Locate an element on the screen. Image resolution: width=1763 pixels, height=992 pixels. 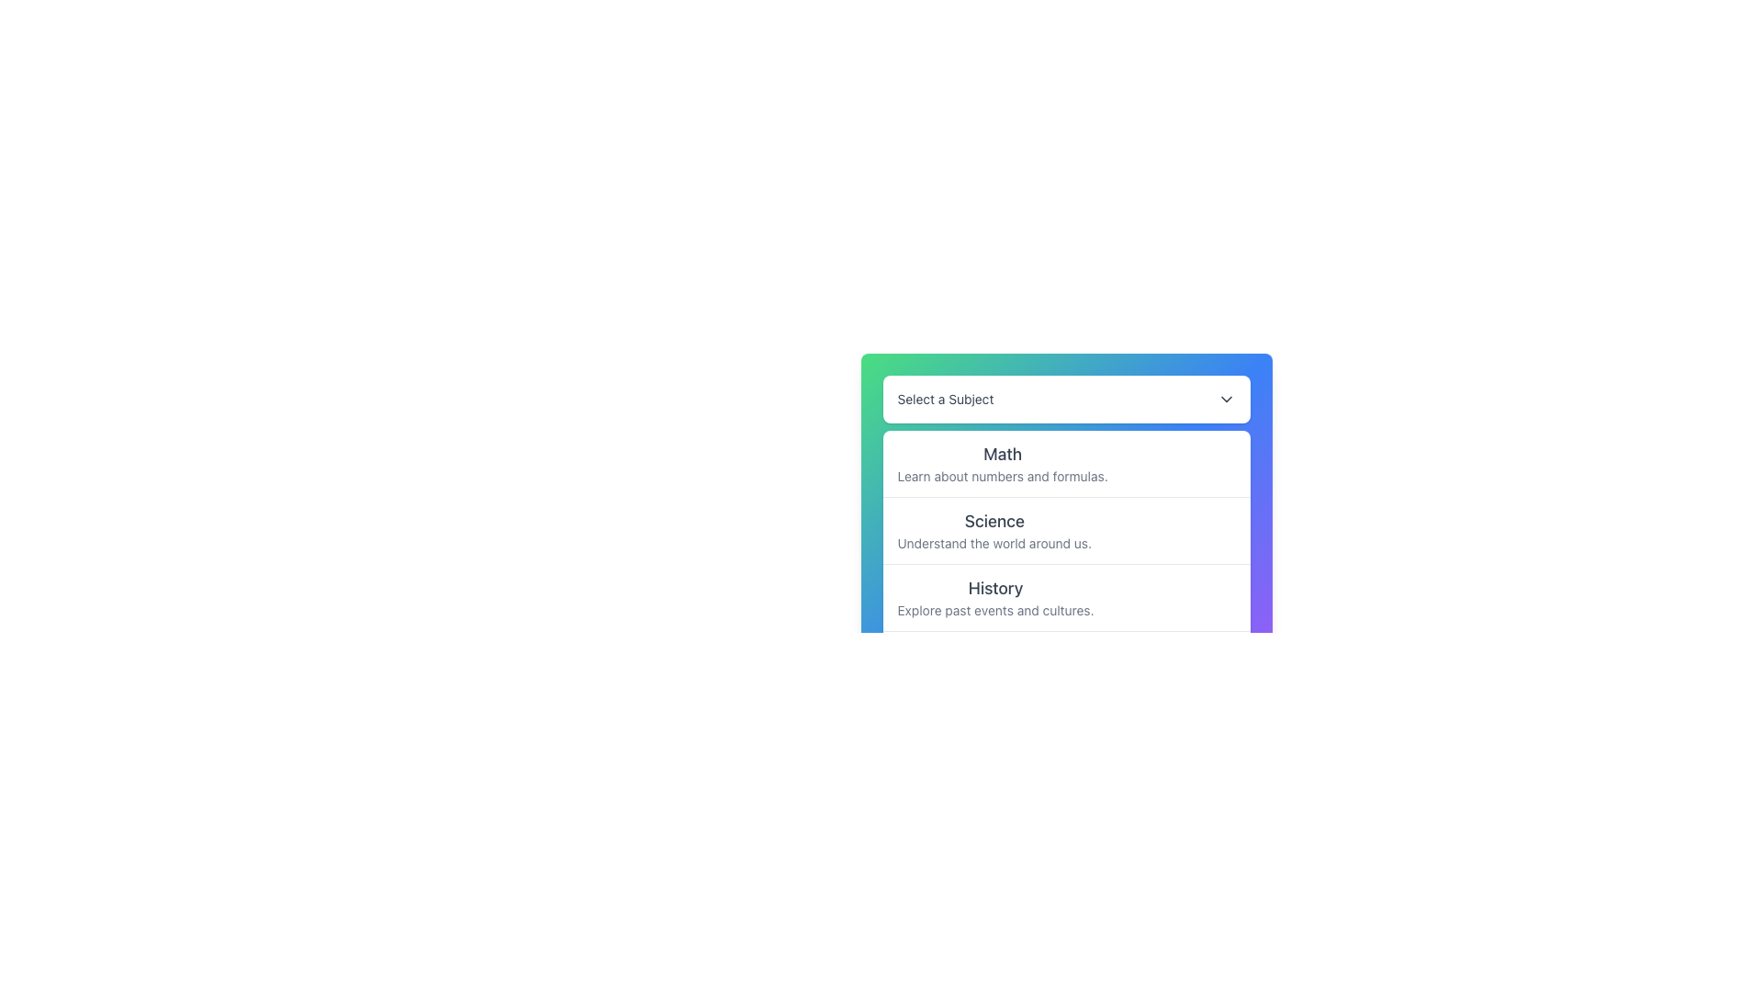
the 'Math' text label, which is displayed in a bold and larger font at the top of the list section is located at coordinates (1002, 454).